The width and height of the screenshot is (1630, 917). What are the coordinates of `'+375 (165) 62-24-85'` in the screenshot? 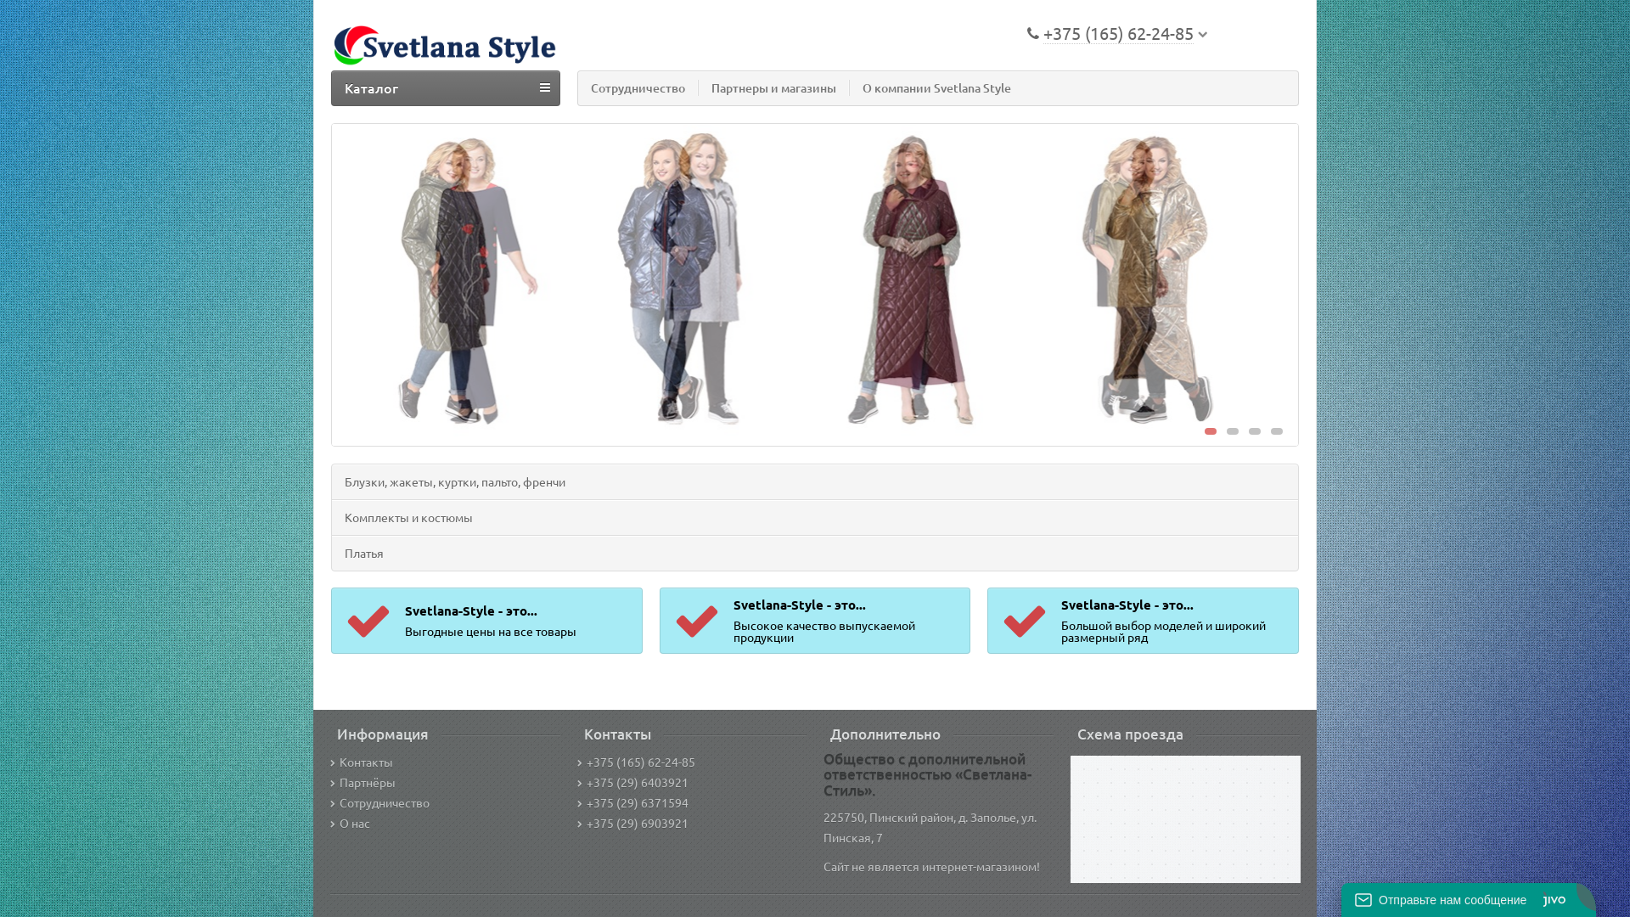 It's located at (635, 761).